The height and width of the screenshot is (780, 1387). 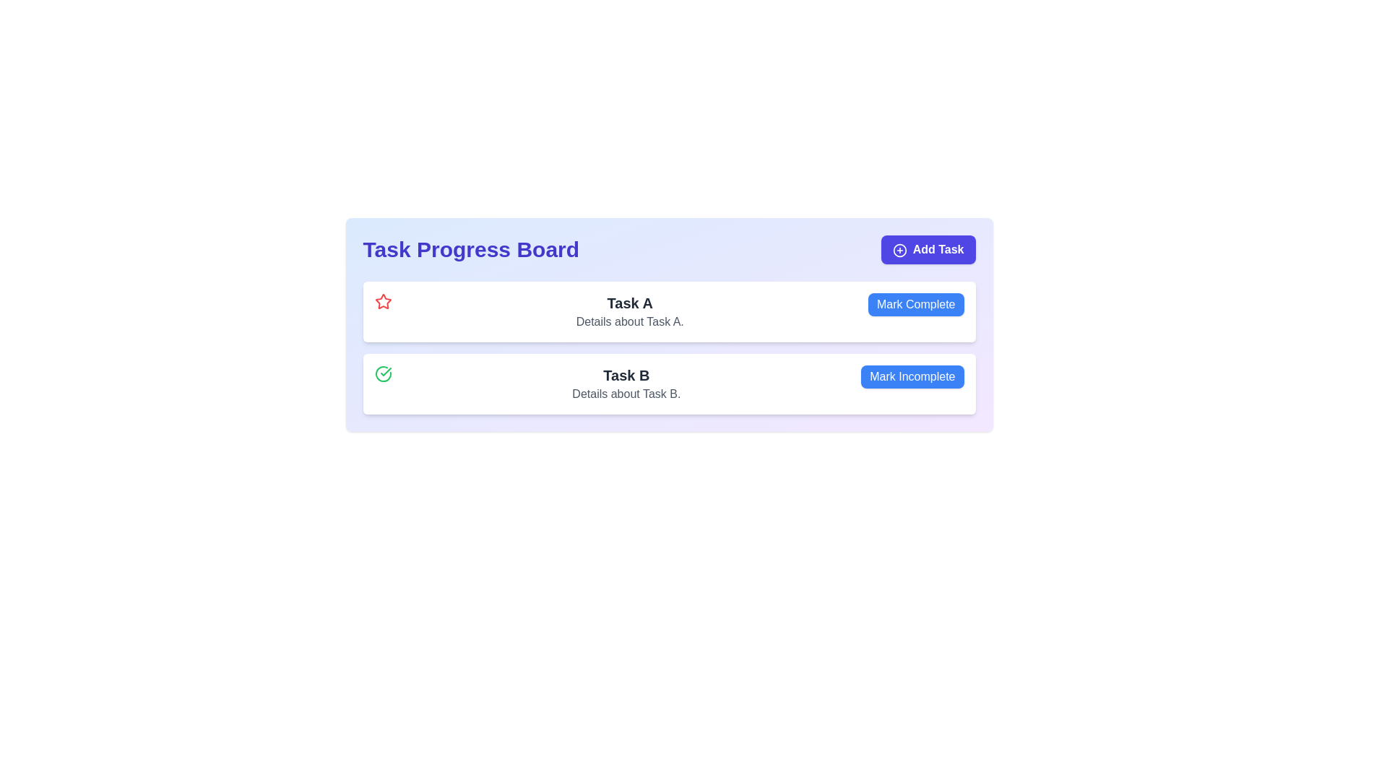 I want to click on the checkmark icon element that visually indicates a completed task for Task B, located near the bottom left of the rectangle representing the second task, so click(x=385, y=371).